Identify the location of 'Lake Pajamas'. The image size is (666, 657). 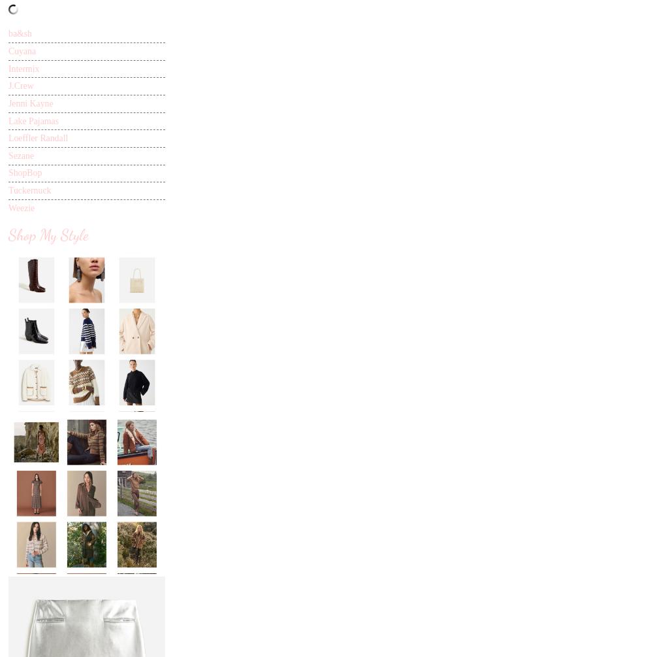
(33, 120).